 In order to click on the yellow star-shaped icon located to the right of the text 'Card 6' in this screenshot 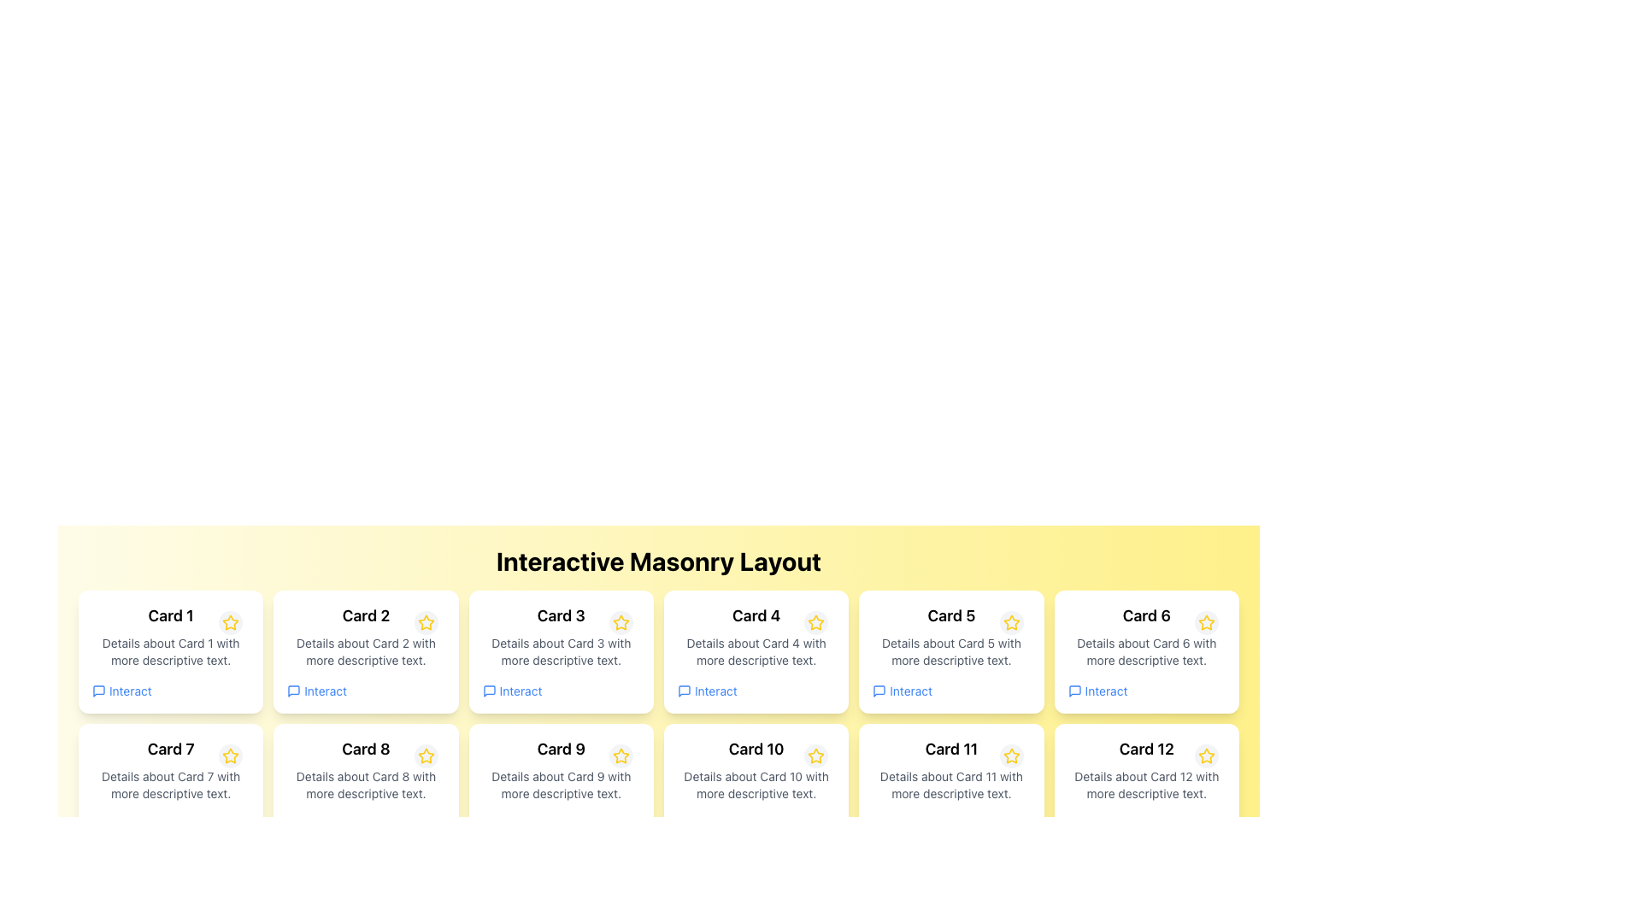, I will do `click(1205, 622)`.